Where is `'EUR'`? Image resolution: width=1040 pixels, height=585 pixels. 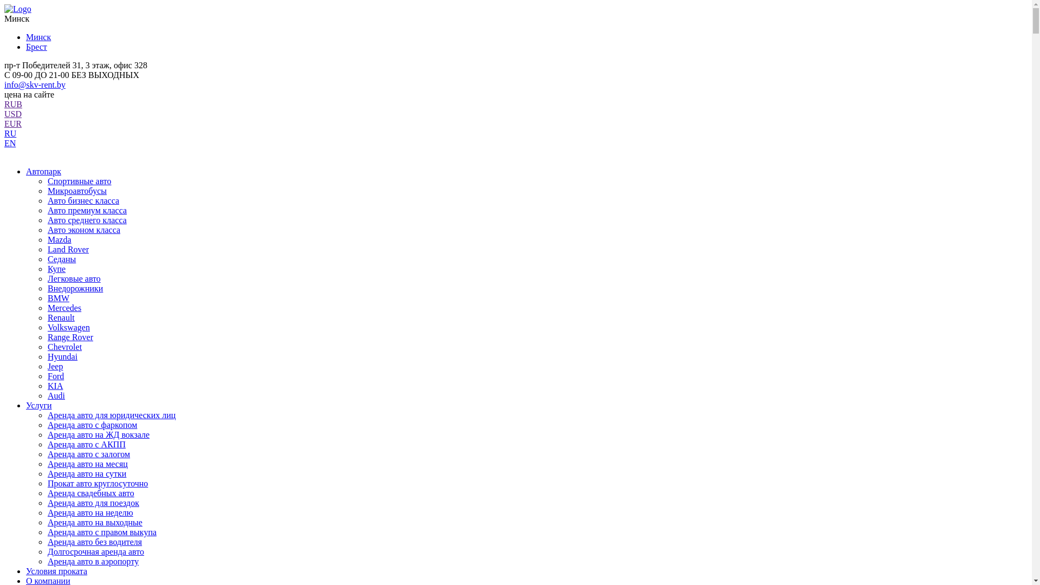 'EUR' is located at coordinates (13, 123).